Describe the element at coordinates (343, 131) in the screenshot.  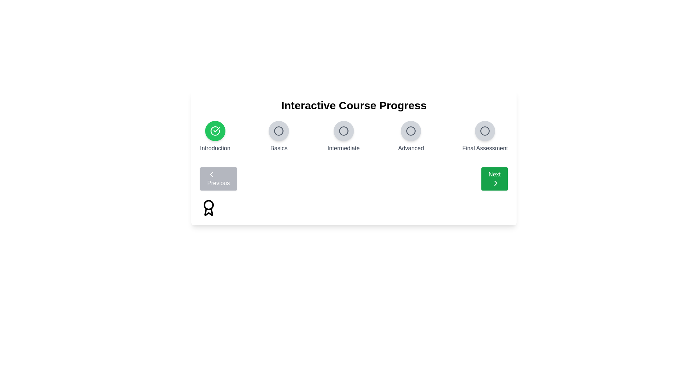
I see `the Progress Indicator, which is a circular outline styled as a progress marker located under the heading 'Interactive Course Progress', positioned as the third item labeled 'Intermediate'` at that location.